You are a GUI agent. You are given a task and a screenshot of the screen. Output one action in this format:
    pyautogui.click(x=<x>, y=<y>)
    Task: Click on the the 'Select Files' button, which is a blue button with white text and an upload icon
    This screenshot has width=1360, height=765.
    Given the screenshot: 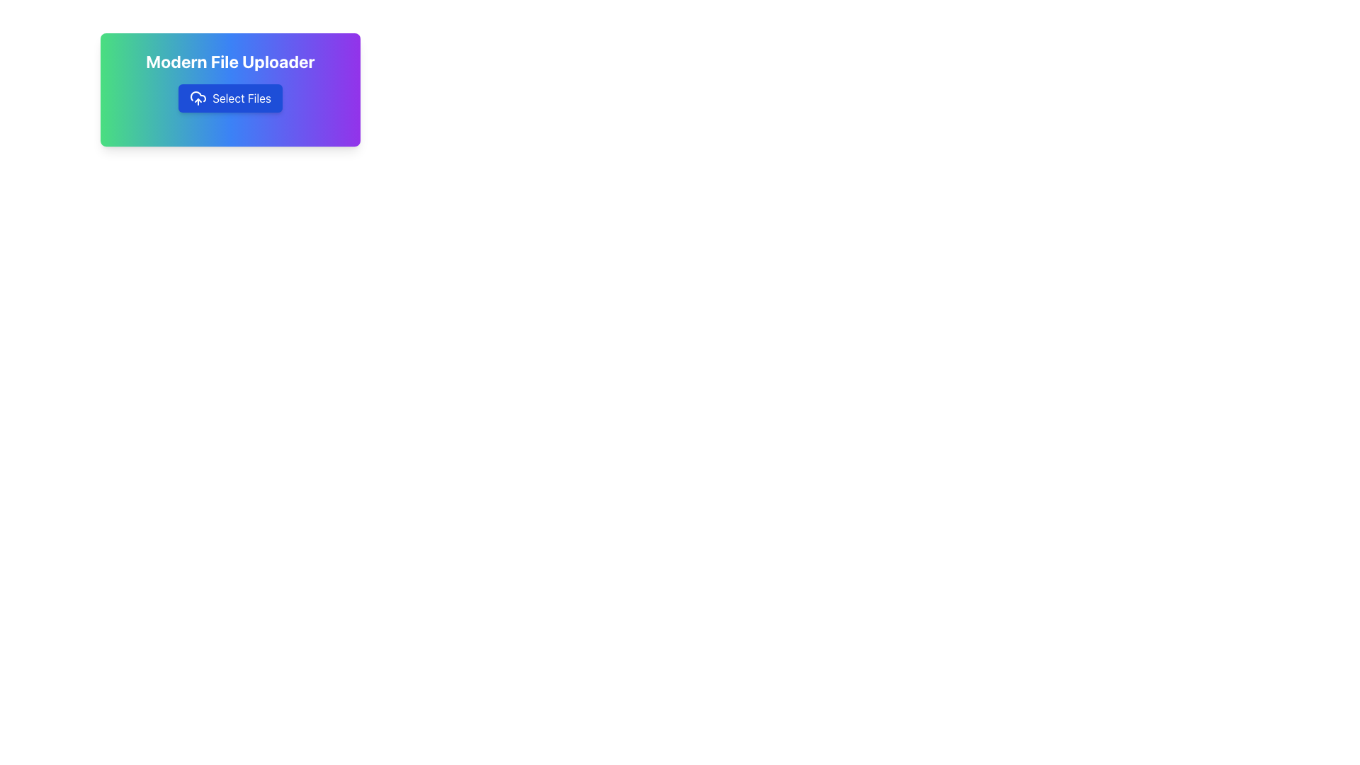 What is the action you would take?
    pyautogui.click(x=230, y=97)
    